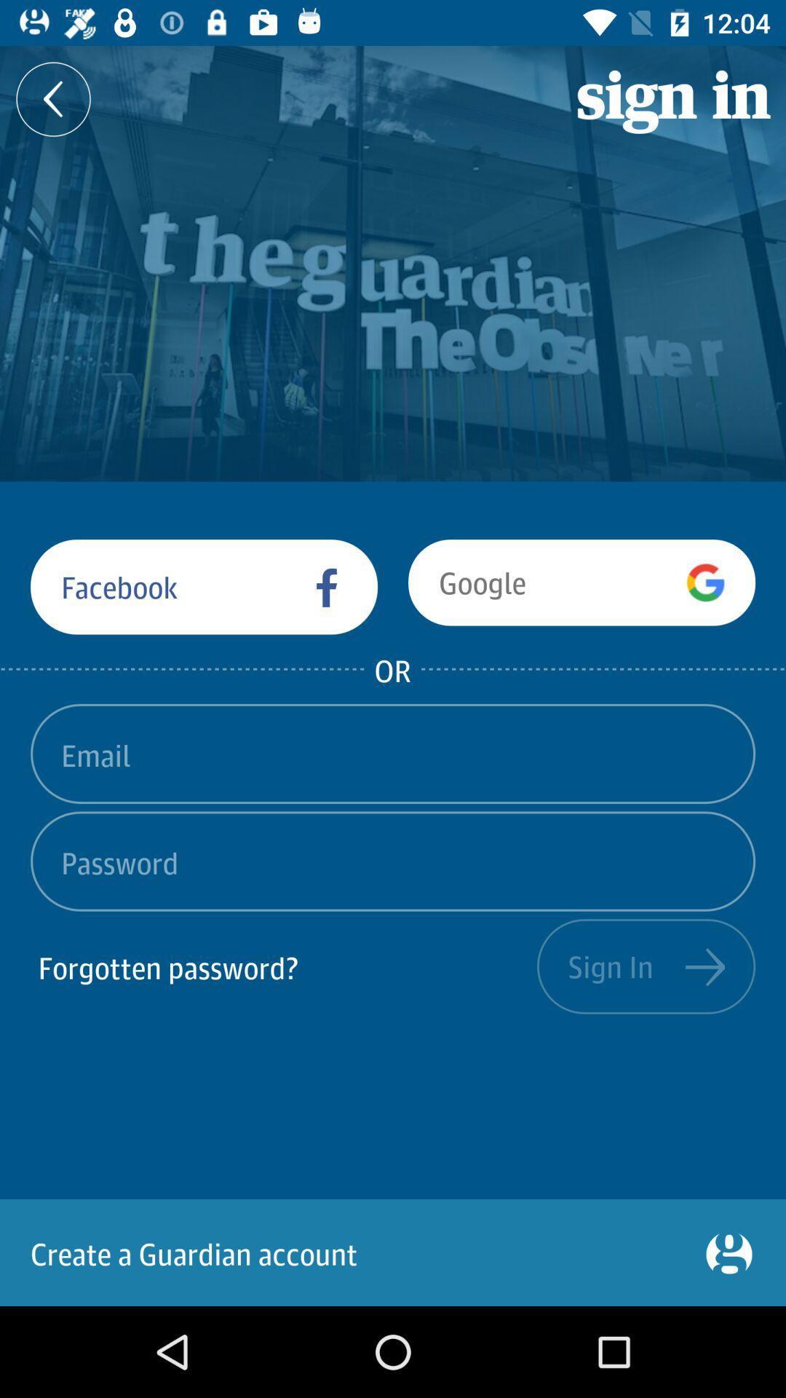  I want to click on the item below or icon, so click(393, 754).